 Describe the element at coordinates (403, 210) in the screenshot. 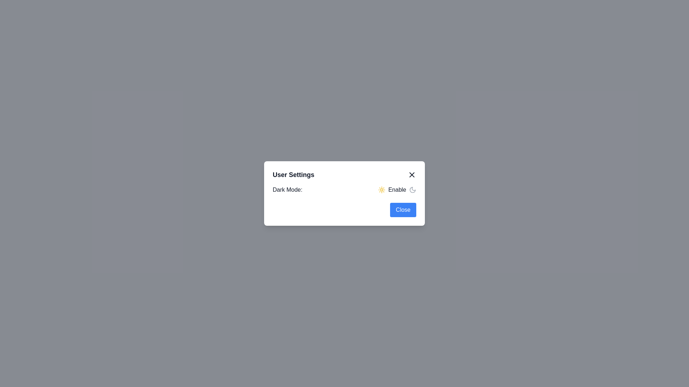

I see `the 'Close' button with a blue background and white text` at that location.